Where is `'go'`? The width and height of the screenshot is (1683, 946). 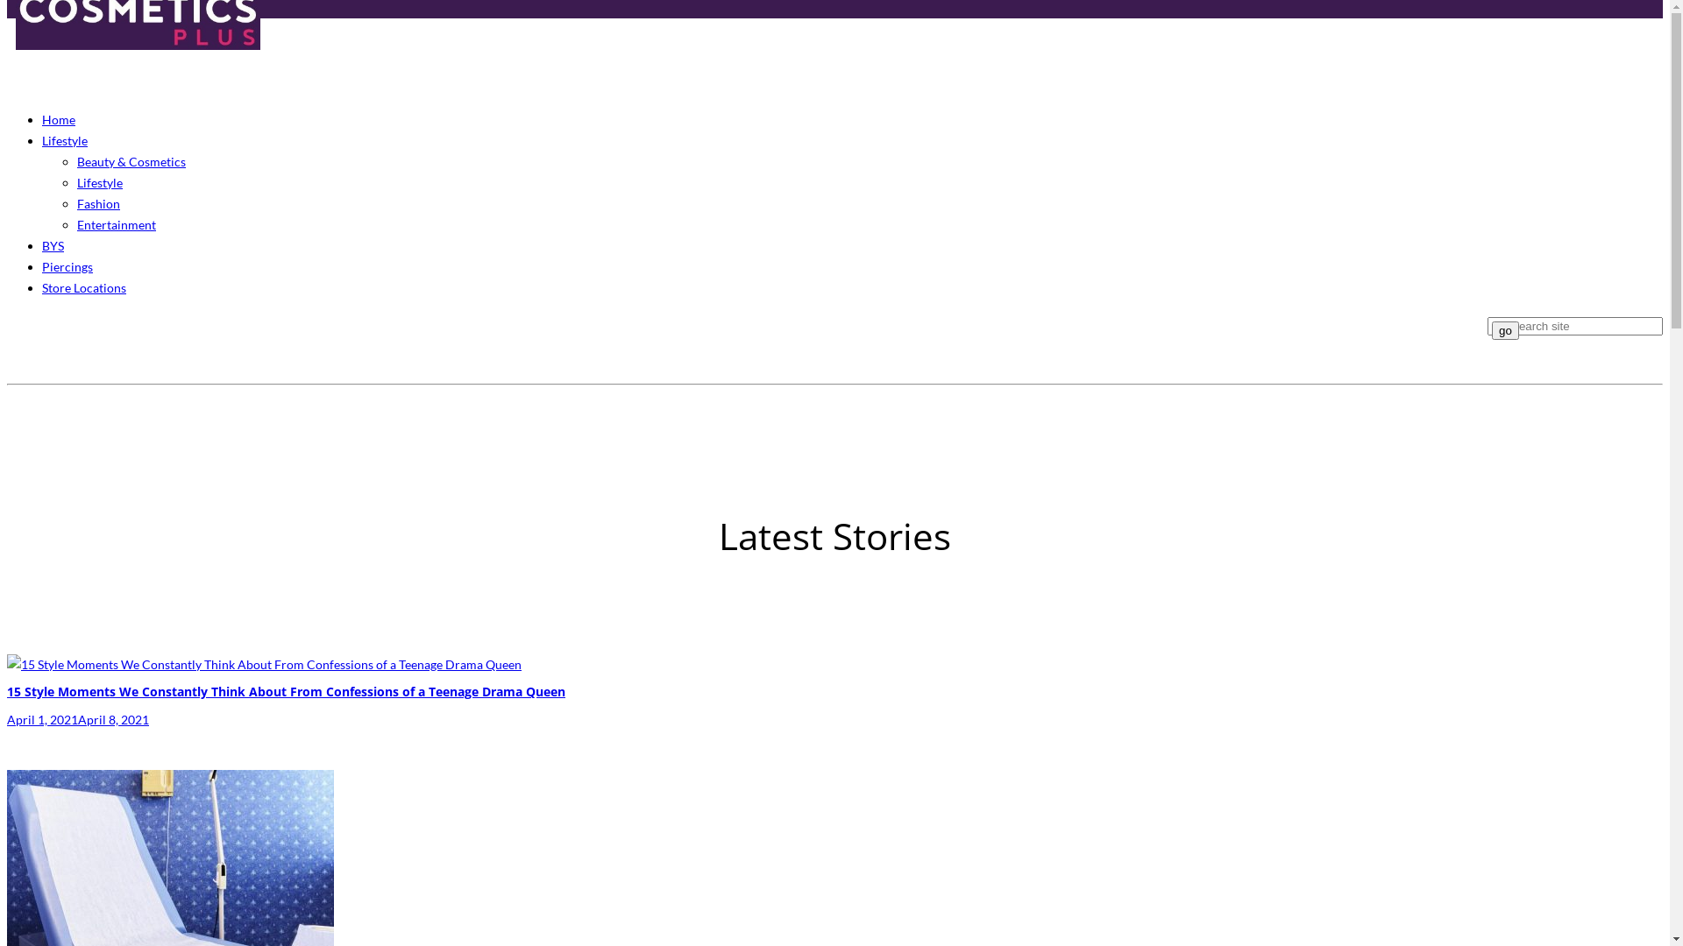 'go' is located at coordinates (1504, 330).